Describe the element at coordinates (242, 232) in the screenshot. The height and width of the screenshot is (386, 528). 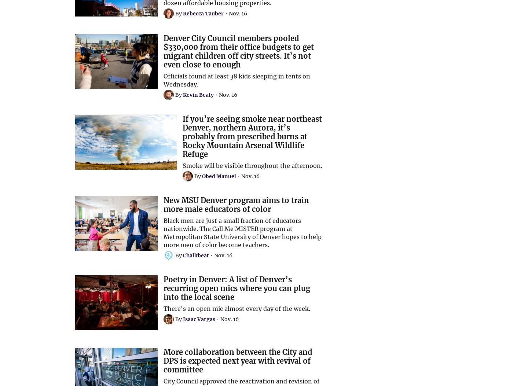
I see `'Black men are just a small fraction of educators nationwide. The Call Me MISTER program at Metropolitan State University of Denver hopes to help more men of color become teachers.'` at that location.